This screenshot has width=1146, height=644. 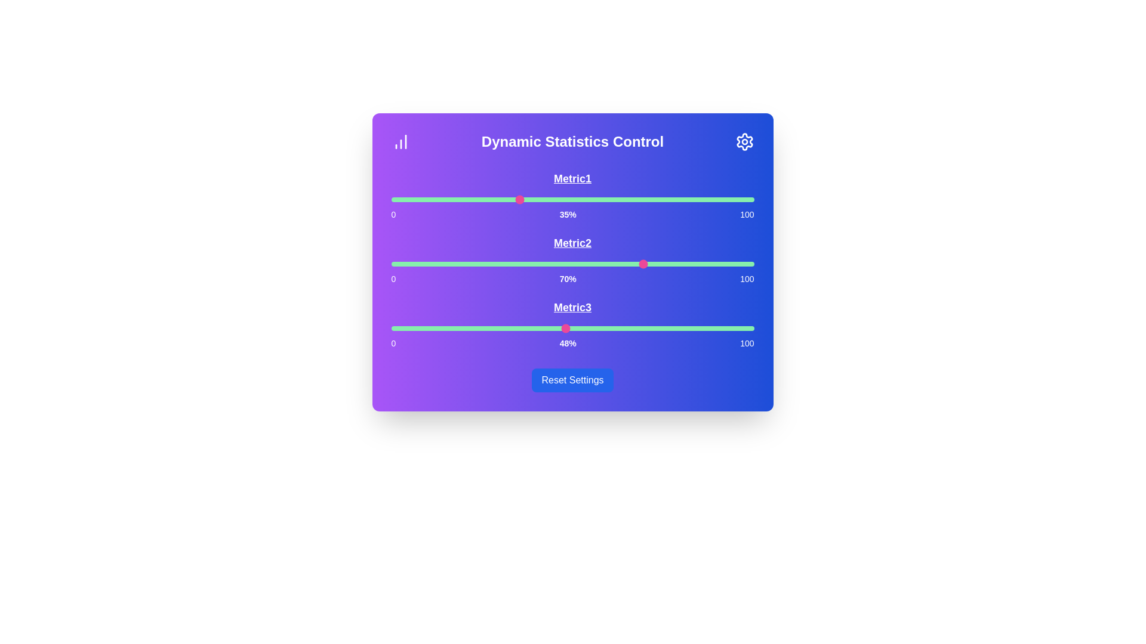 What do you see at coordinates (401, 141) in the screenshot?
I see `the bar_chart icon in the header` at bounding box center [401, 141].